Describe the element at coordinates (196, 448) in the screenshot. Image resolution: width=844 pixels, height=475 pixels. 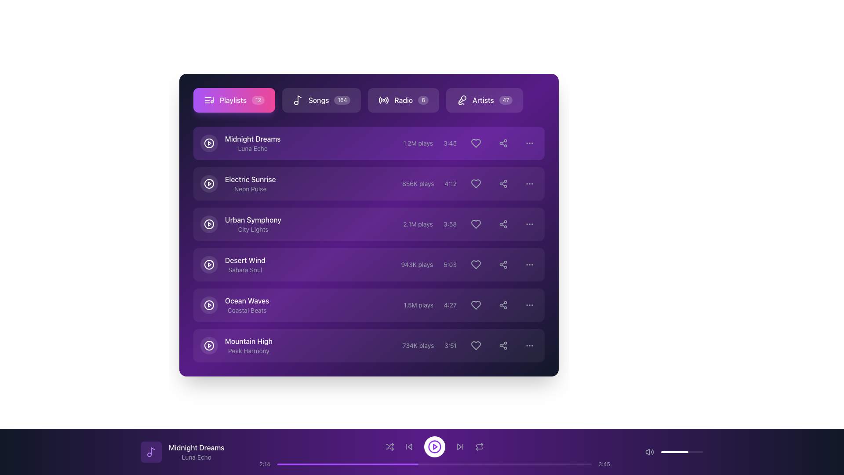
I see `the text label that reads 'Midnight Dreams' which is displayed in white font and is part of a two-line display on a dark purple background` at that location.